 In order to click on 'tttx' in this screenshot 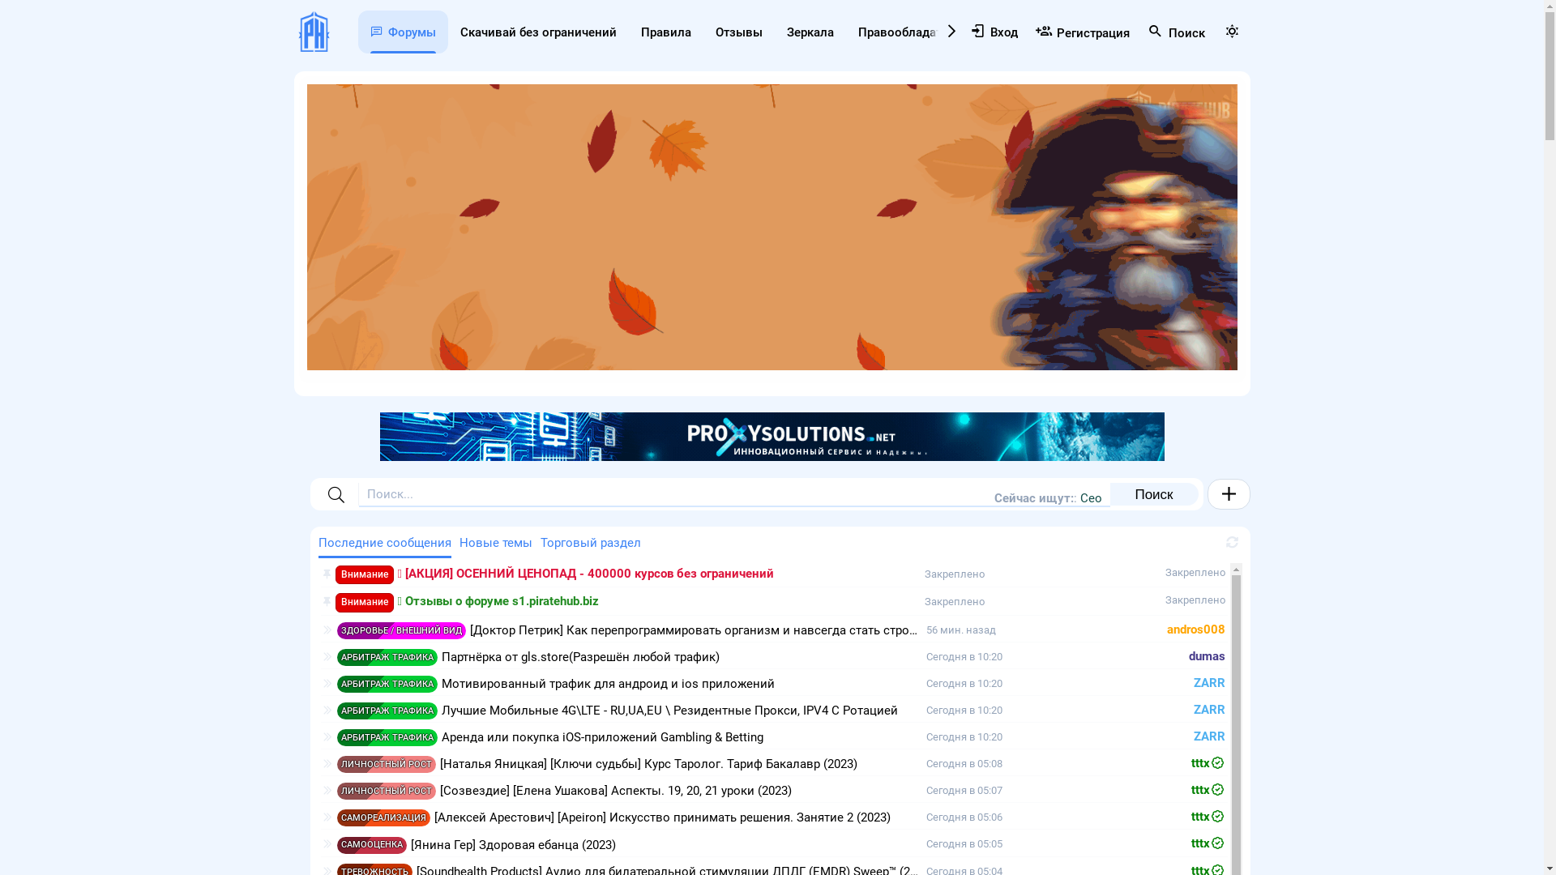, I will do `click(1208, 843)`.